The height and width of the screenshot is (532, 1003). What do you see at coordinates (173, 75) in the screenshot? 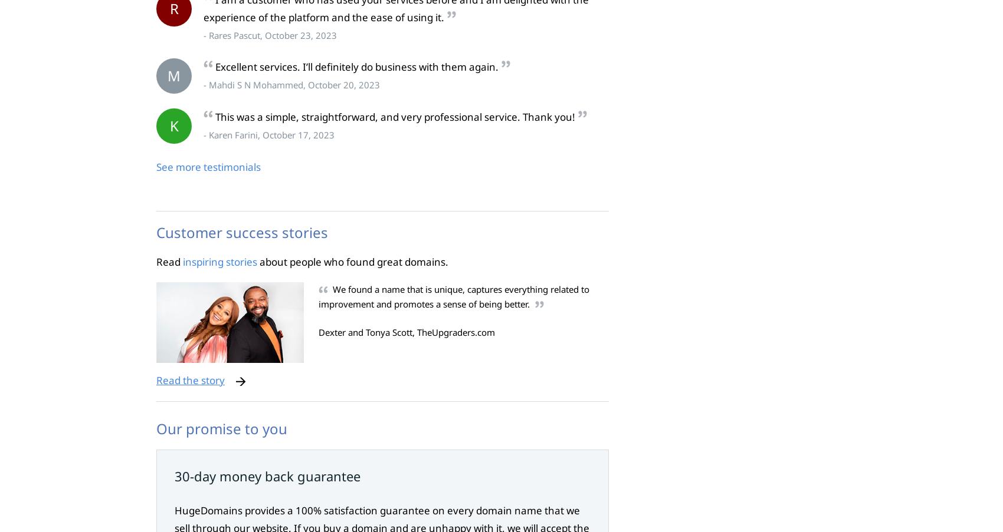
I see `'M'` at bounding box center [173, 75].